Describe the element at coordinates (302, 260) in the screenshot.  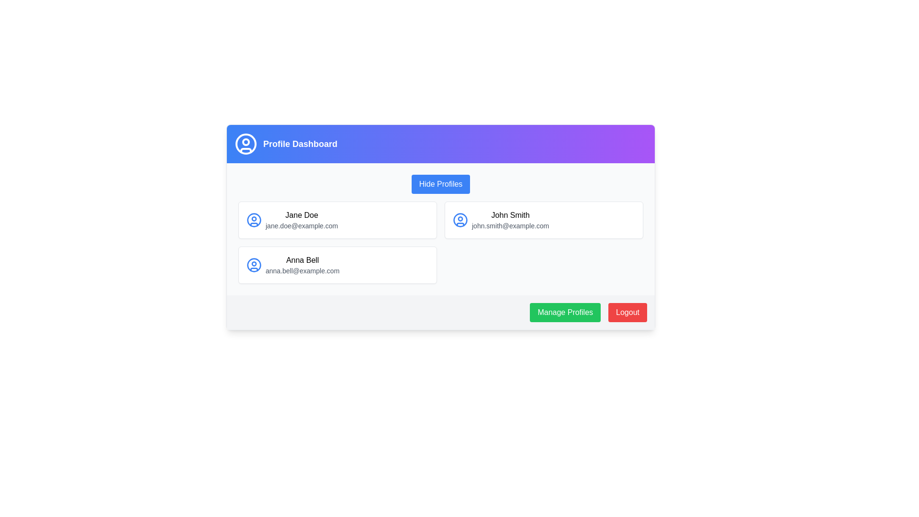
I see `the text 'Anna Bell' located in the second user profile card, which is displayed in a bold font above the email address 'anna.bell@example.com'` at that location.